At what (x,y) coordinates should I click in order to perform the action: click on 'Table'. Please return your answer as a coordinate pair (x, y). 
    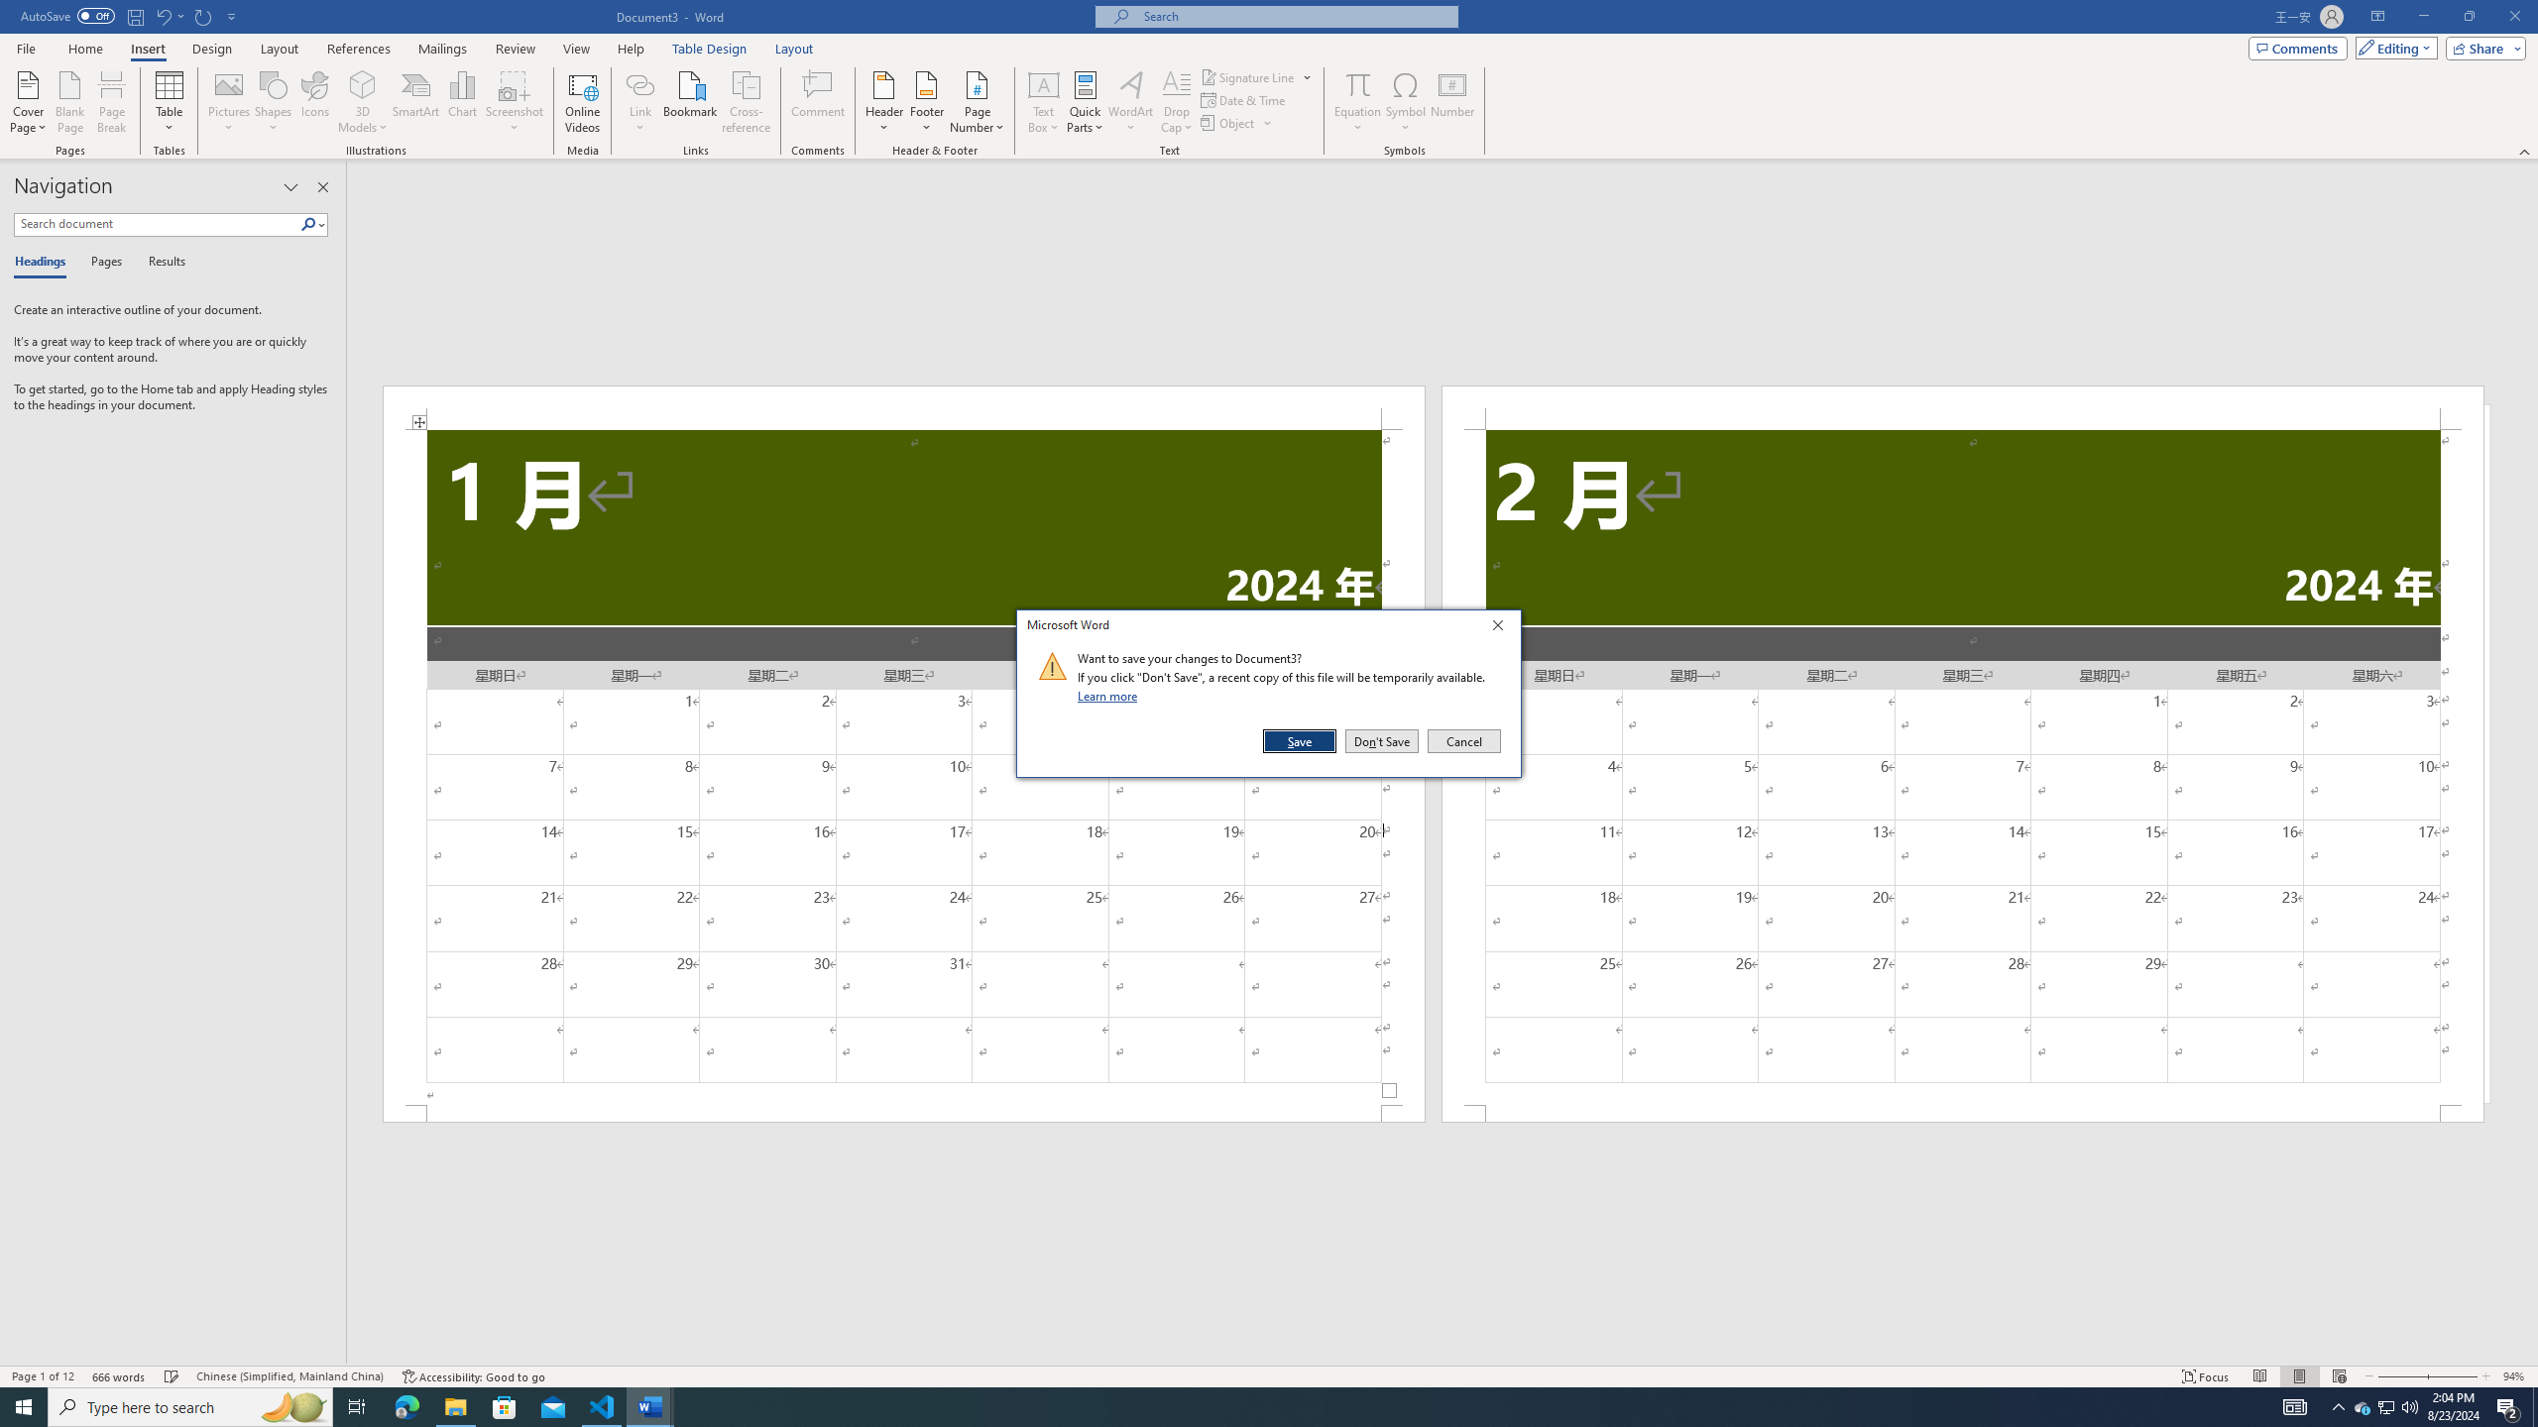
    Looking at the image, I should click on (170, 102).